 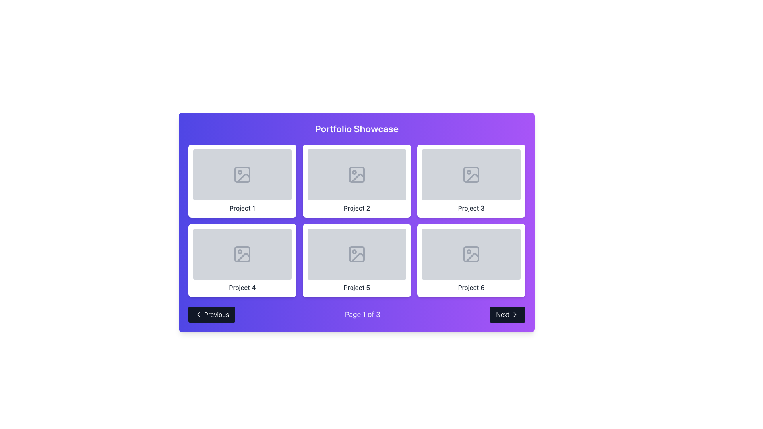 I want to click on text label 'Project 6' which is located in the bottom row of a 2x3 grid layout in the portfolio showcase panel, directly below the associated project placeholder image, so click(x=471, y=288).